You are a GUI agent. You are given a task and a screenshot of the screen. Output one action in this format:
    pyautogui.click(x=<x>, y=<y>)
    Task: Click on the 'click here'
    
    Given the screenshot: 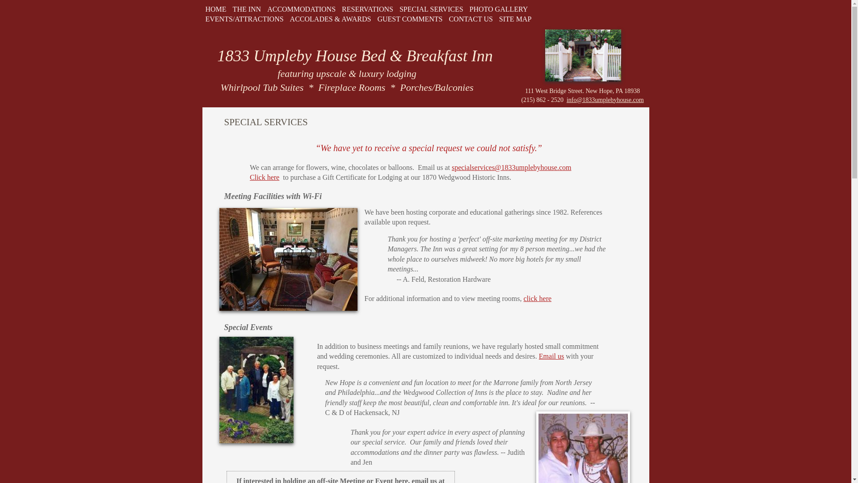 What is the action you would take?
    pyautogui.click(x=523, y=298)
    